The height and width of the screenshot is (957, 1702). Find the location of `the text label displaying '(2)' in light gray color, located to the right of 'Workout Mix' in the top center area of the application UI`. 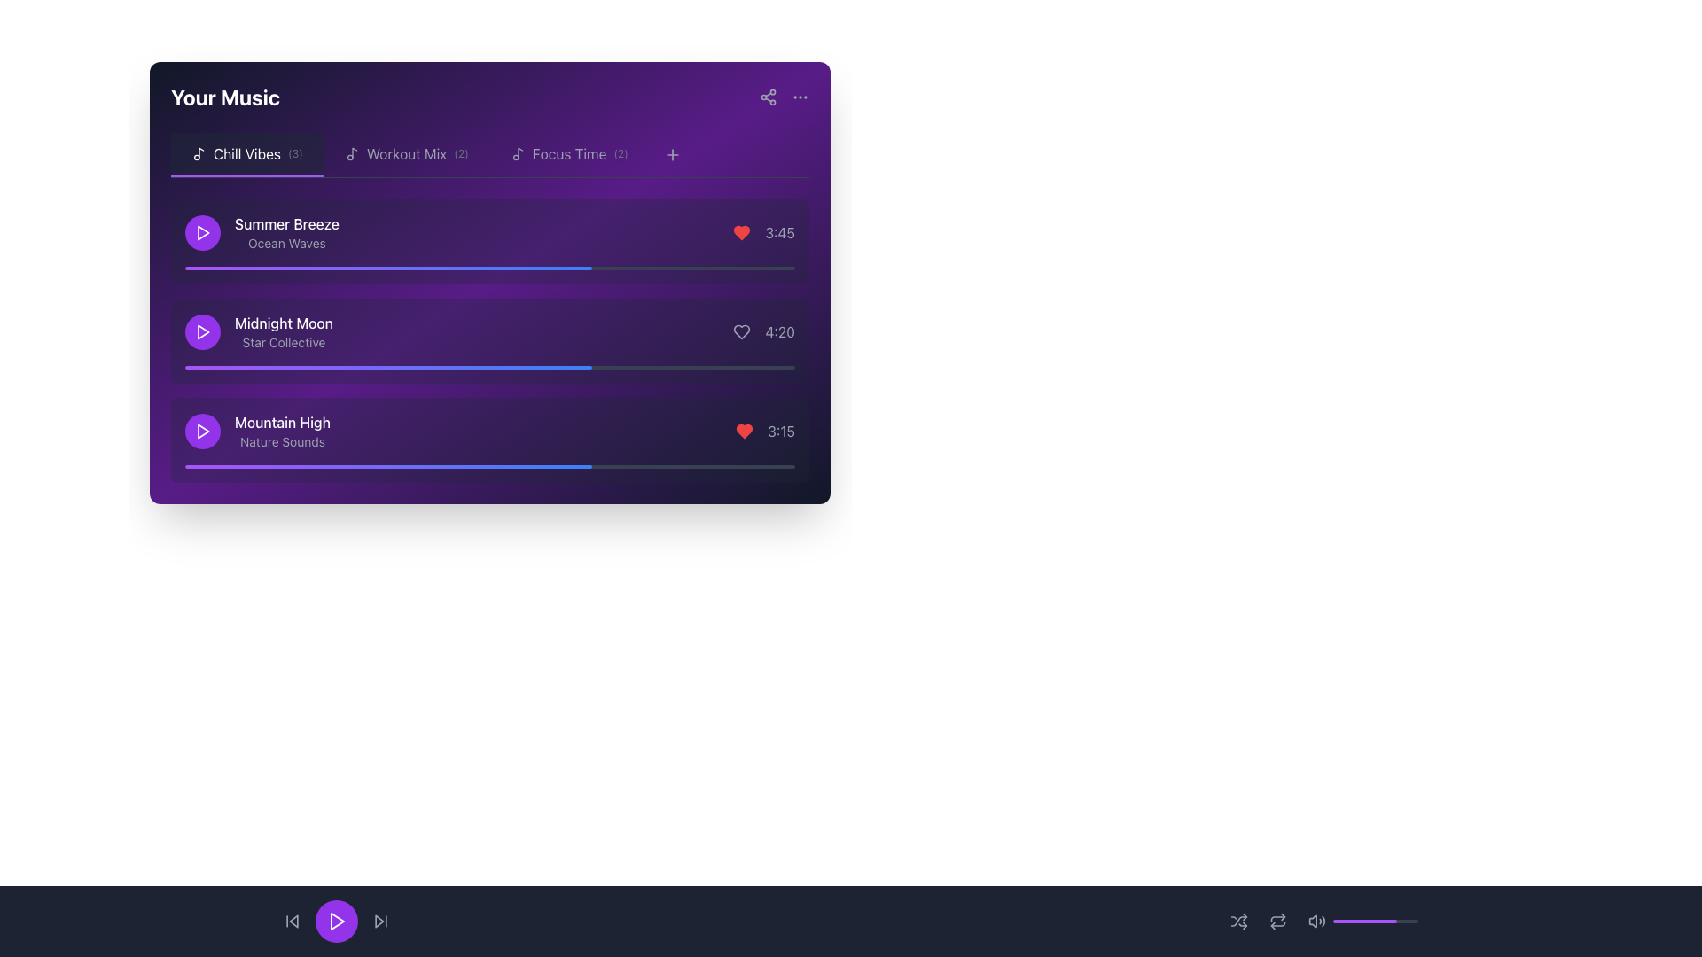

the text label displaying '(2)' in light gray color, located to the right of 'Workout Mix' in the top center area of the application UI is located at coordinates (461, 152).